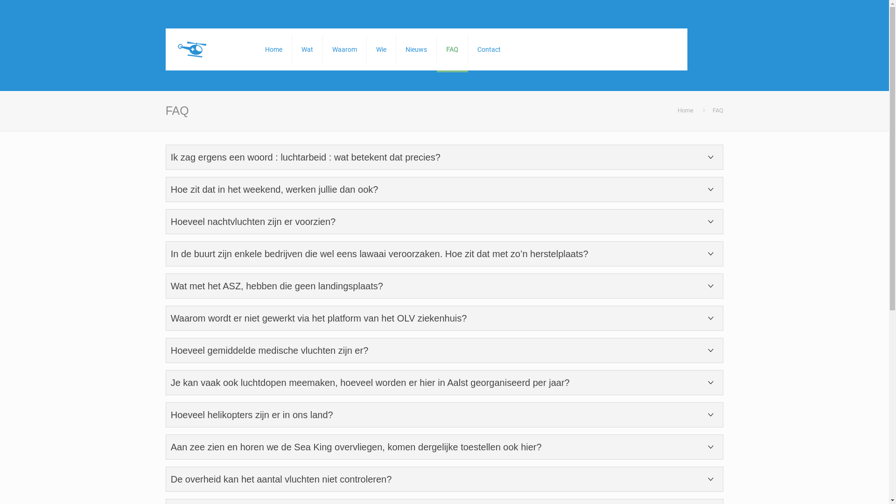 This screenshot has width=896, height=504. Describe the element at coordinates (273, 49) in the screenshot. I see `'Home'` at that location.